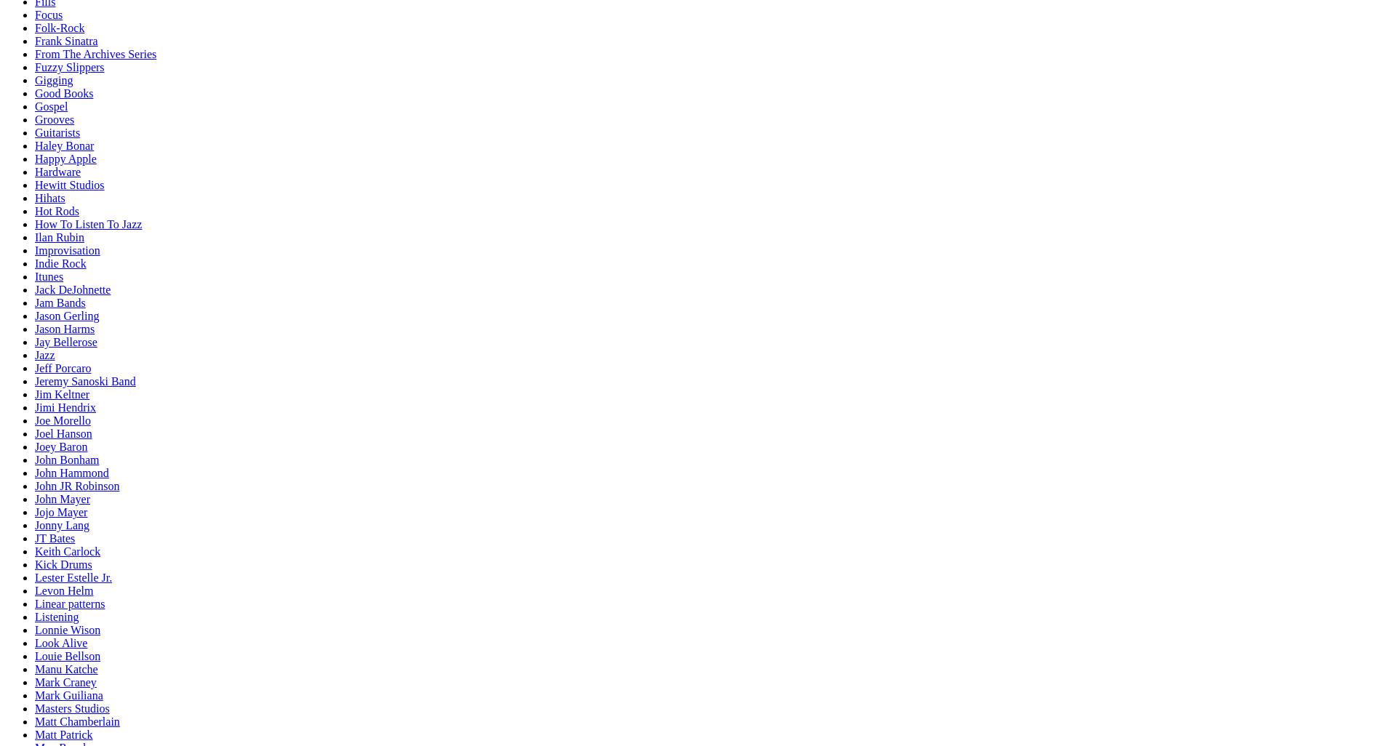 This screenshot has height=746, width=1382. Describe the element at coordinates (35, 655) in the screenshot. I see `'Louie Bellson'` at that location.